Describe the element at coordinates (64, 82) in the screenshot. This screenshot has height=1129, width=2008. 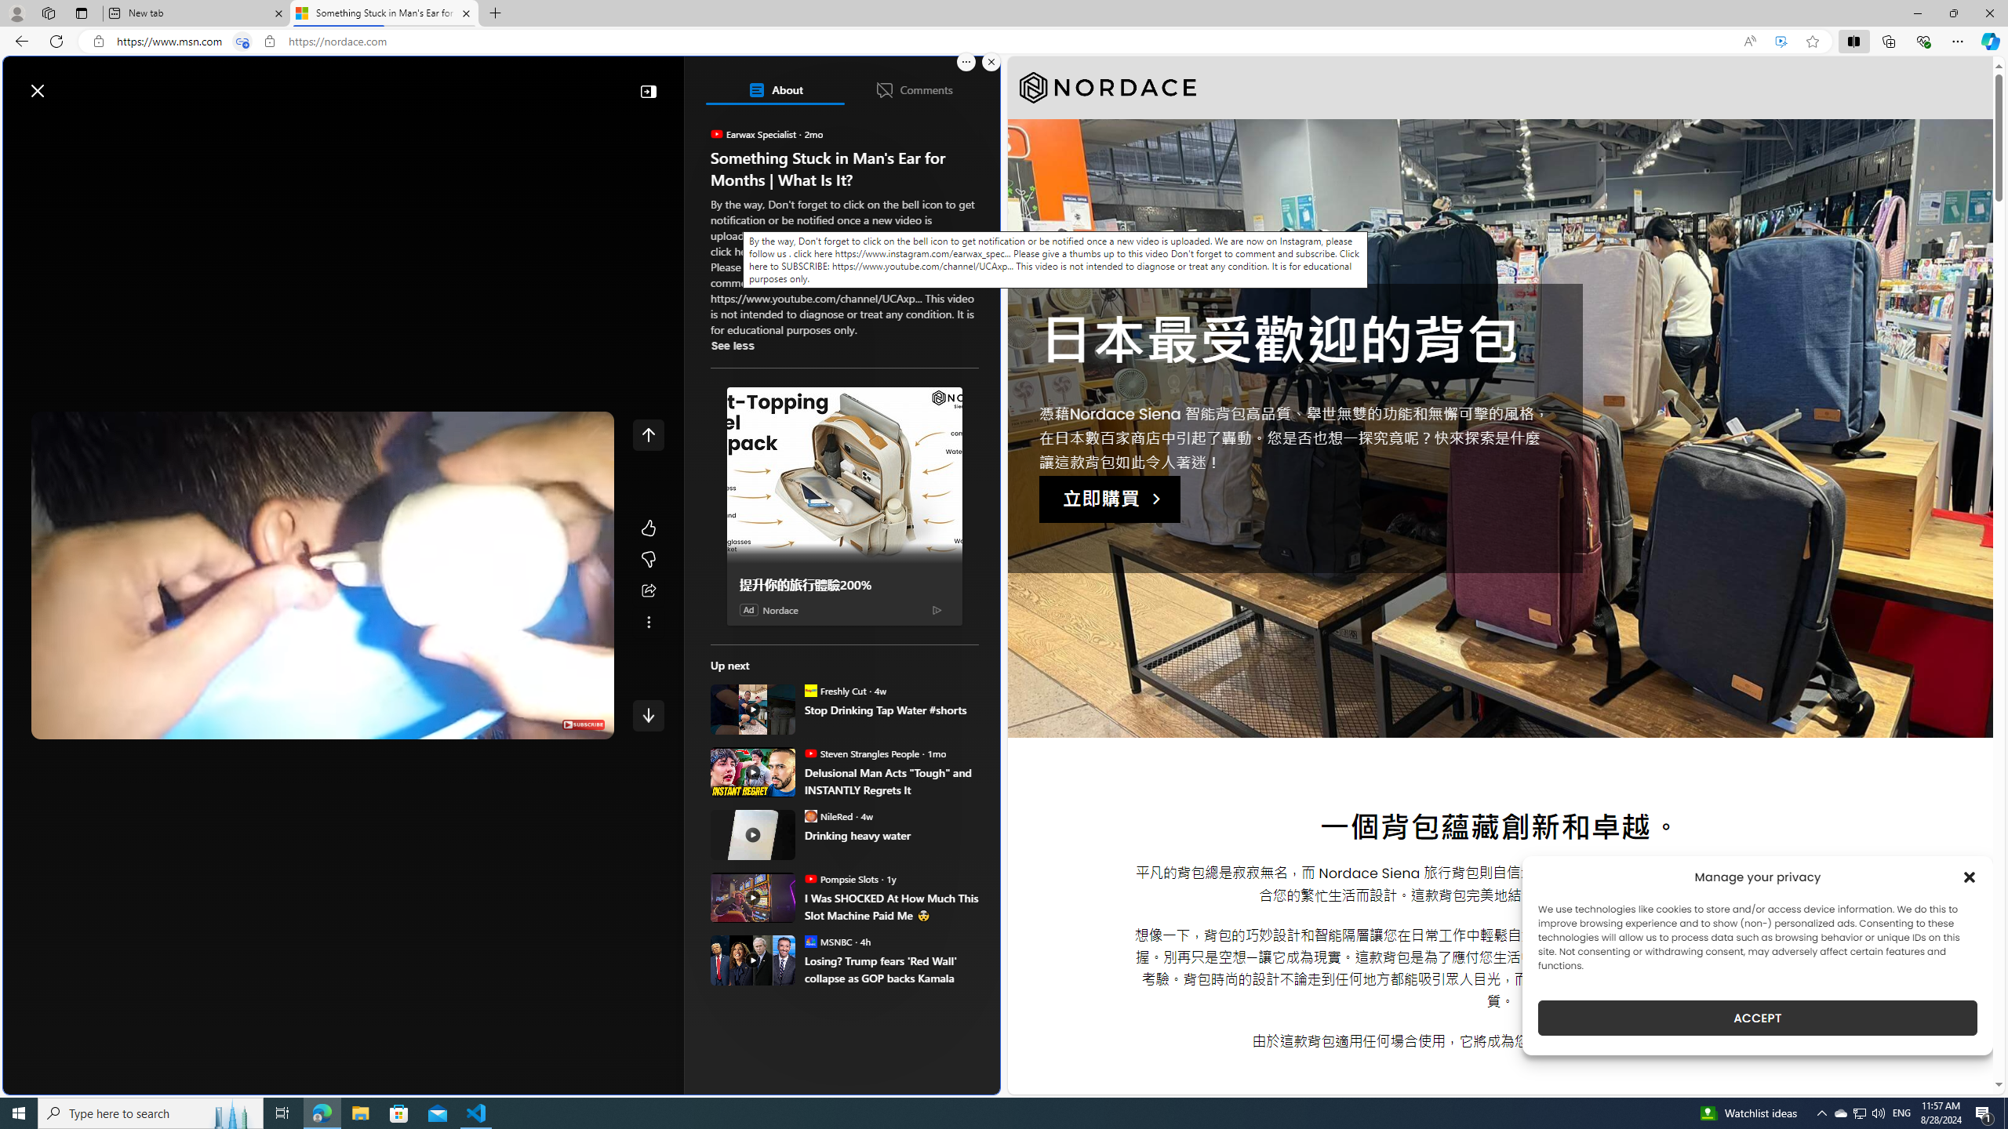
I see `'Skip to footer'` at that location.